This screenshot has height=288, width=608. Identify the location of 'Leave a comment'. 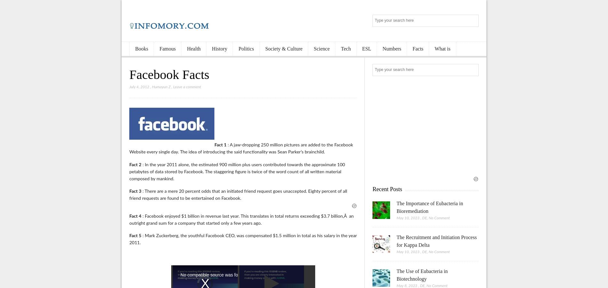
(187, 87).